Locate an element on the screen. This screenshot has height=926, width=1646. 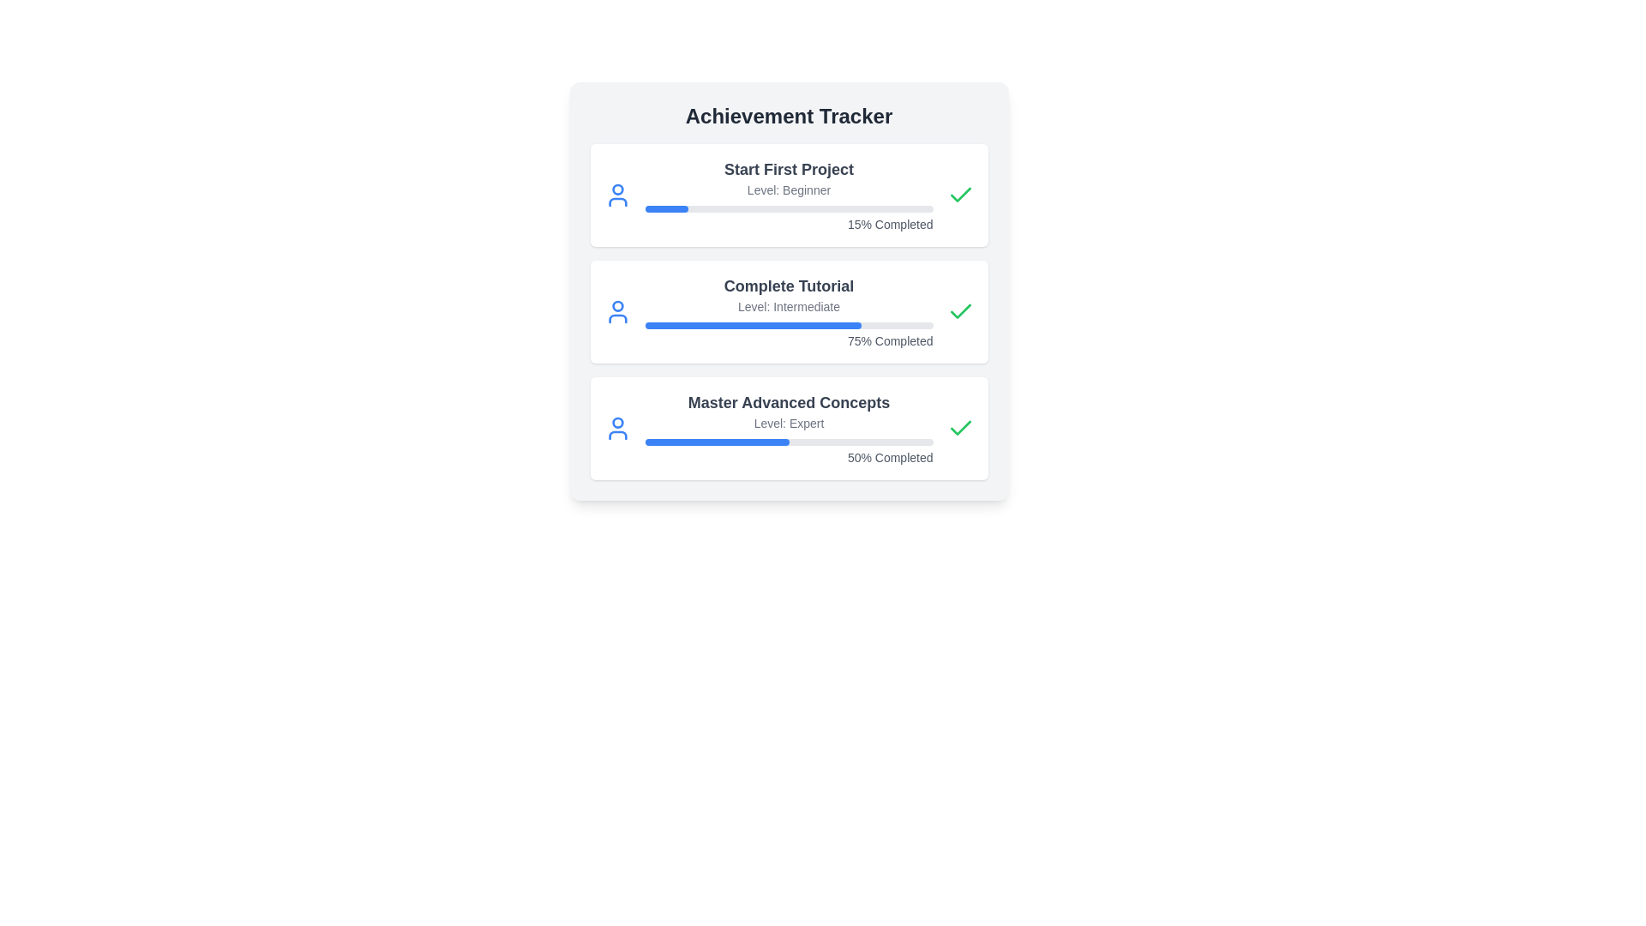
the Circular SVG Element of the user profile icon located on the left side of the 'Master Advanced Concepts' section is located at coordinates (617, 423).